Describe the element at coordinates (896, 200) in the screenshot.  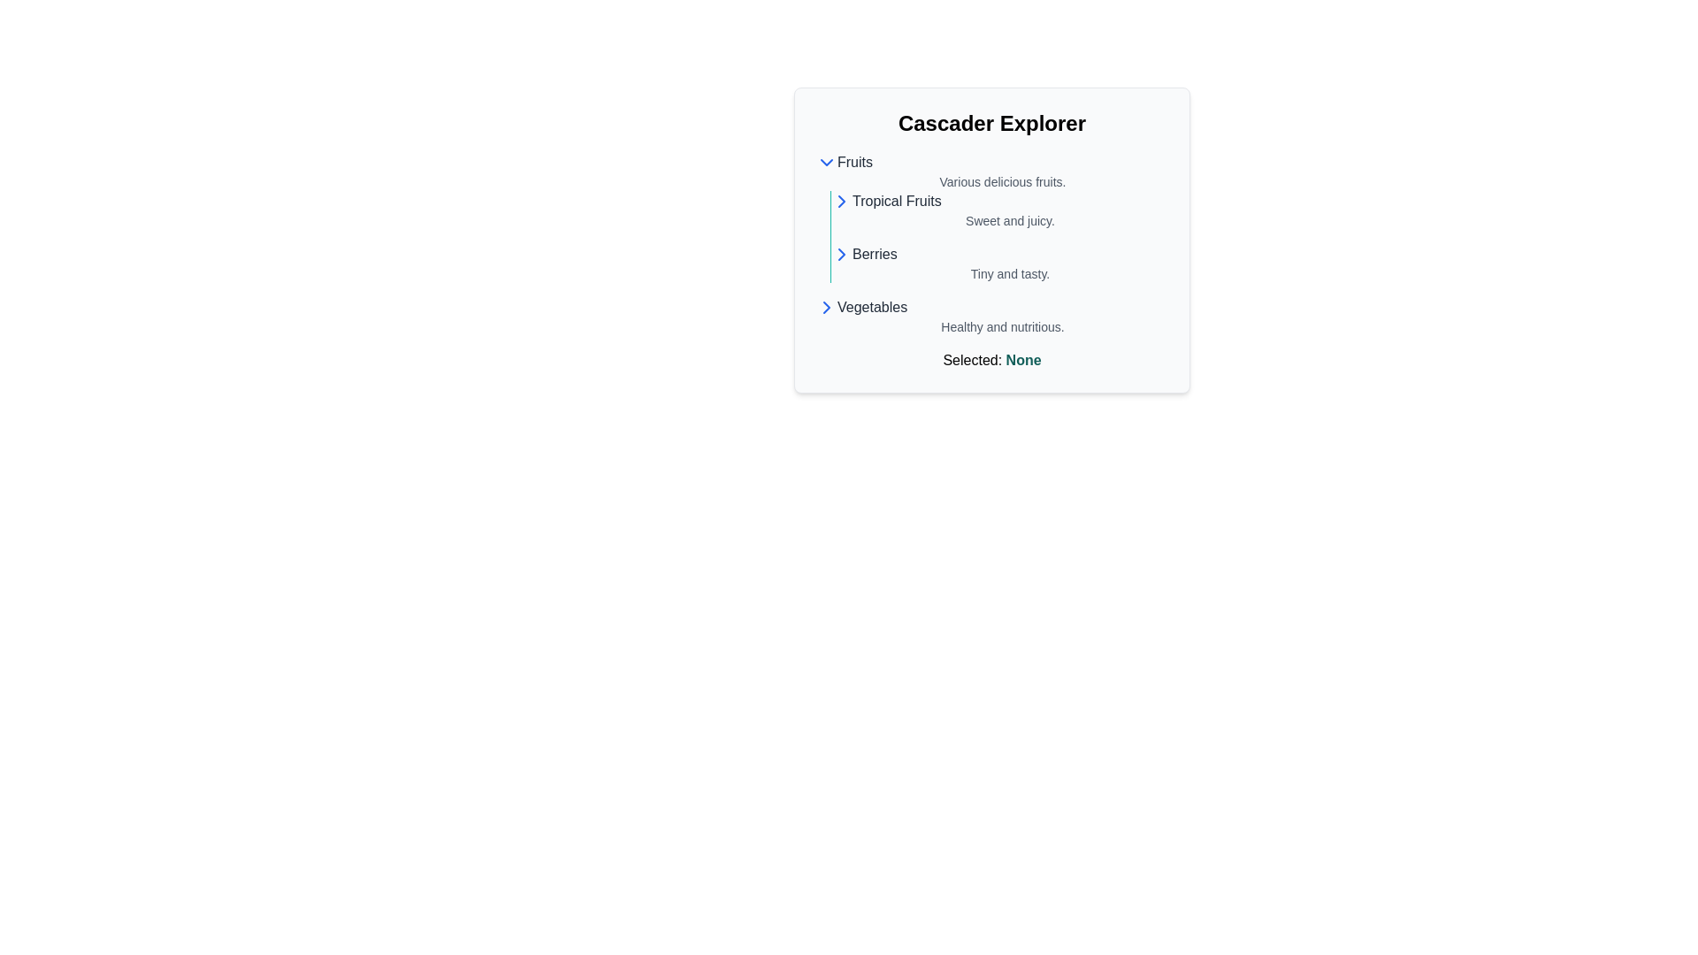
I see `on the 'Tropical Fruits' label in the 'Fruits' category of the 'Cascader Explorer' menu` at that location.